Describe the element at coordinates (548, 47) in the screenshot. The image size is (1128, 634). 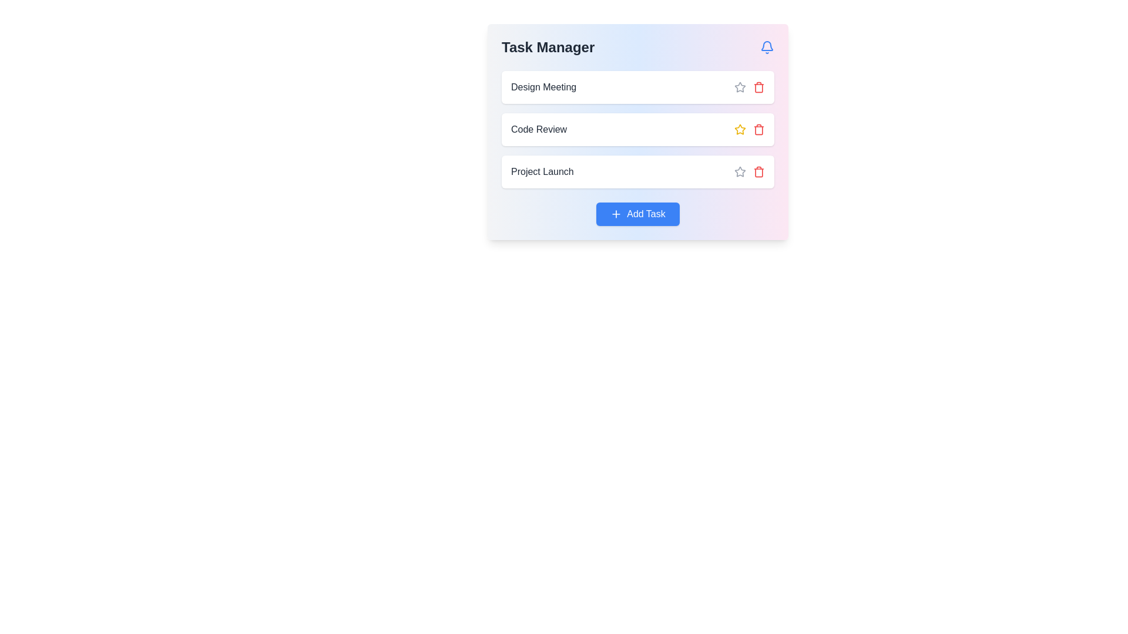
I see `the bold, large-sized text label saying 'Task Manager' in dark gray, located at the top-left of the gradient-colored interface header` at that location.